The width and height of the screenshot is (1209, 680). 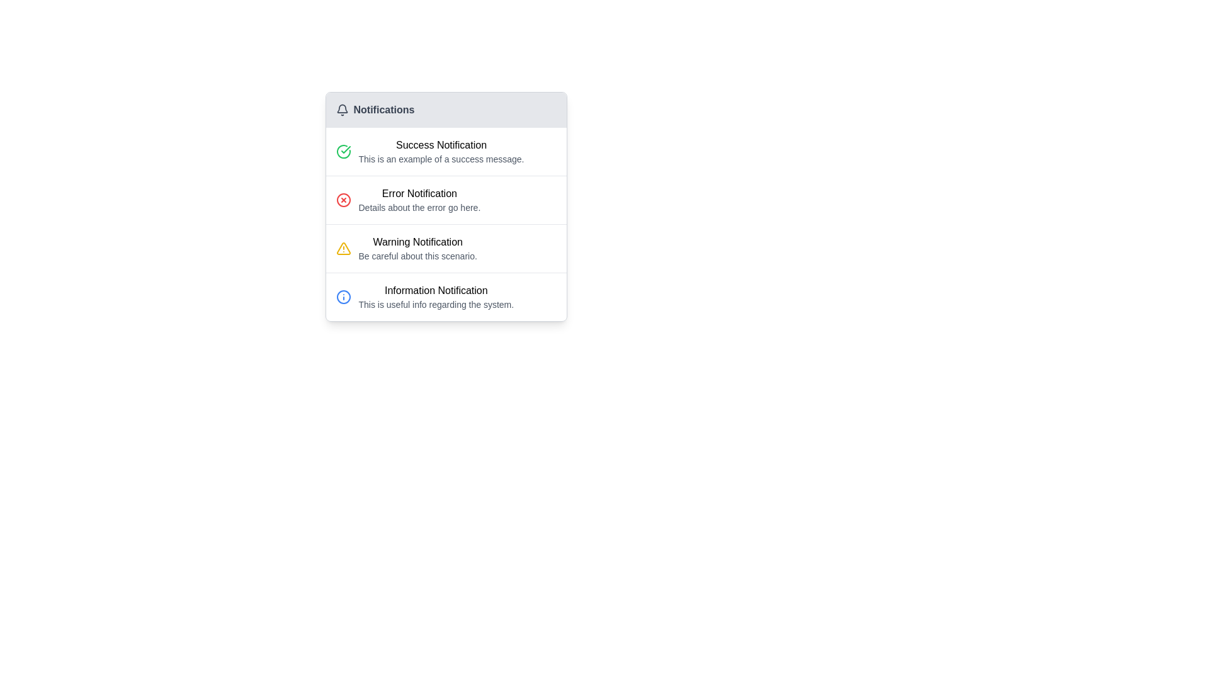 What do you see at coordinates (343, 297) in the screenshot?
I see `the information icon located in the lower section of the notifications panel, which signifies additional information related to the notification entry` at bounding box center [343, 297].